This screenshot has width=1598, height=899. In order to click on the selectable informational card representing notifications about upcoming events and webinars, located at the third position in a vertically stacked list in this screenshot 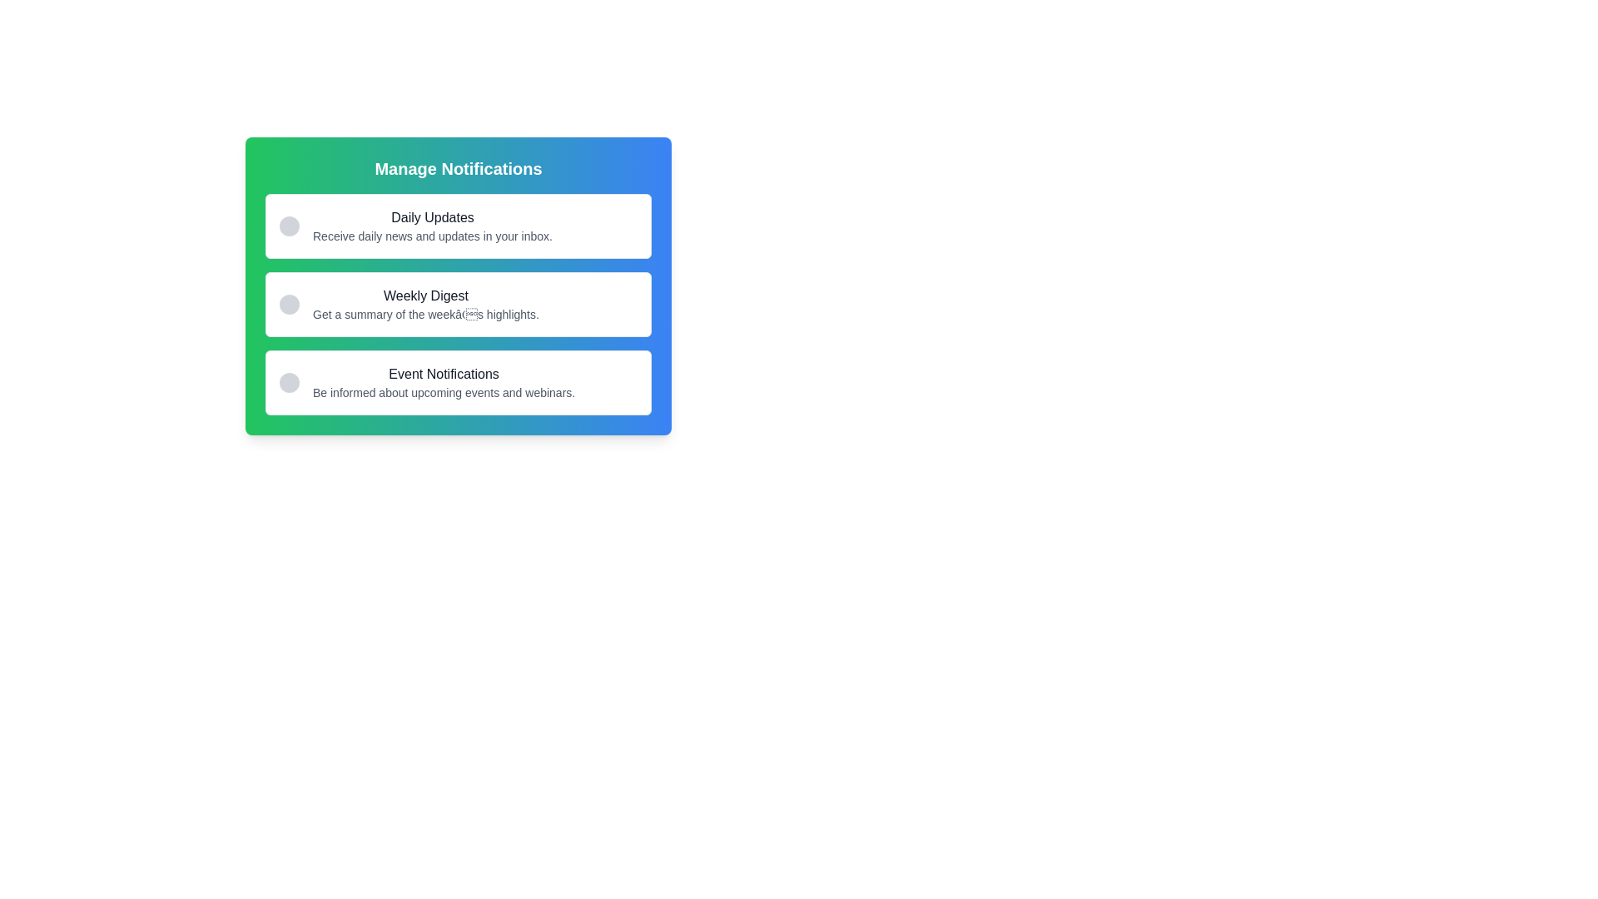, I will do `click(459, 382)`.